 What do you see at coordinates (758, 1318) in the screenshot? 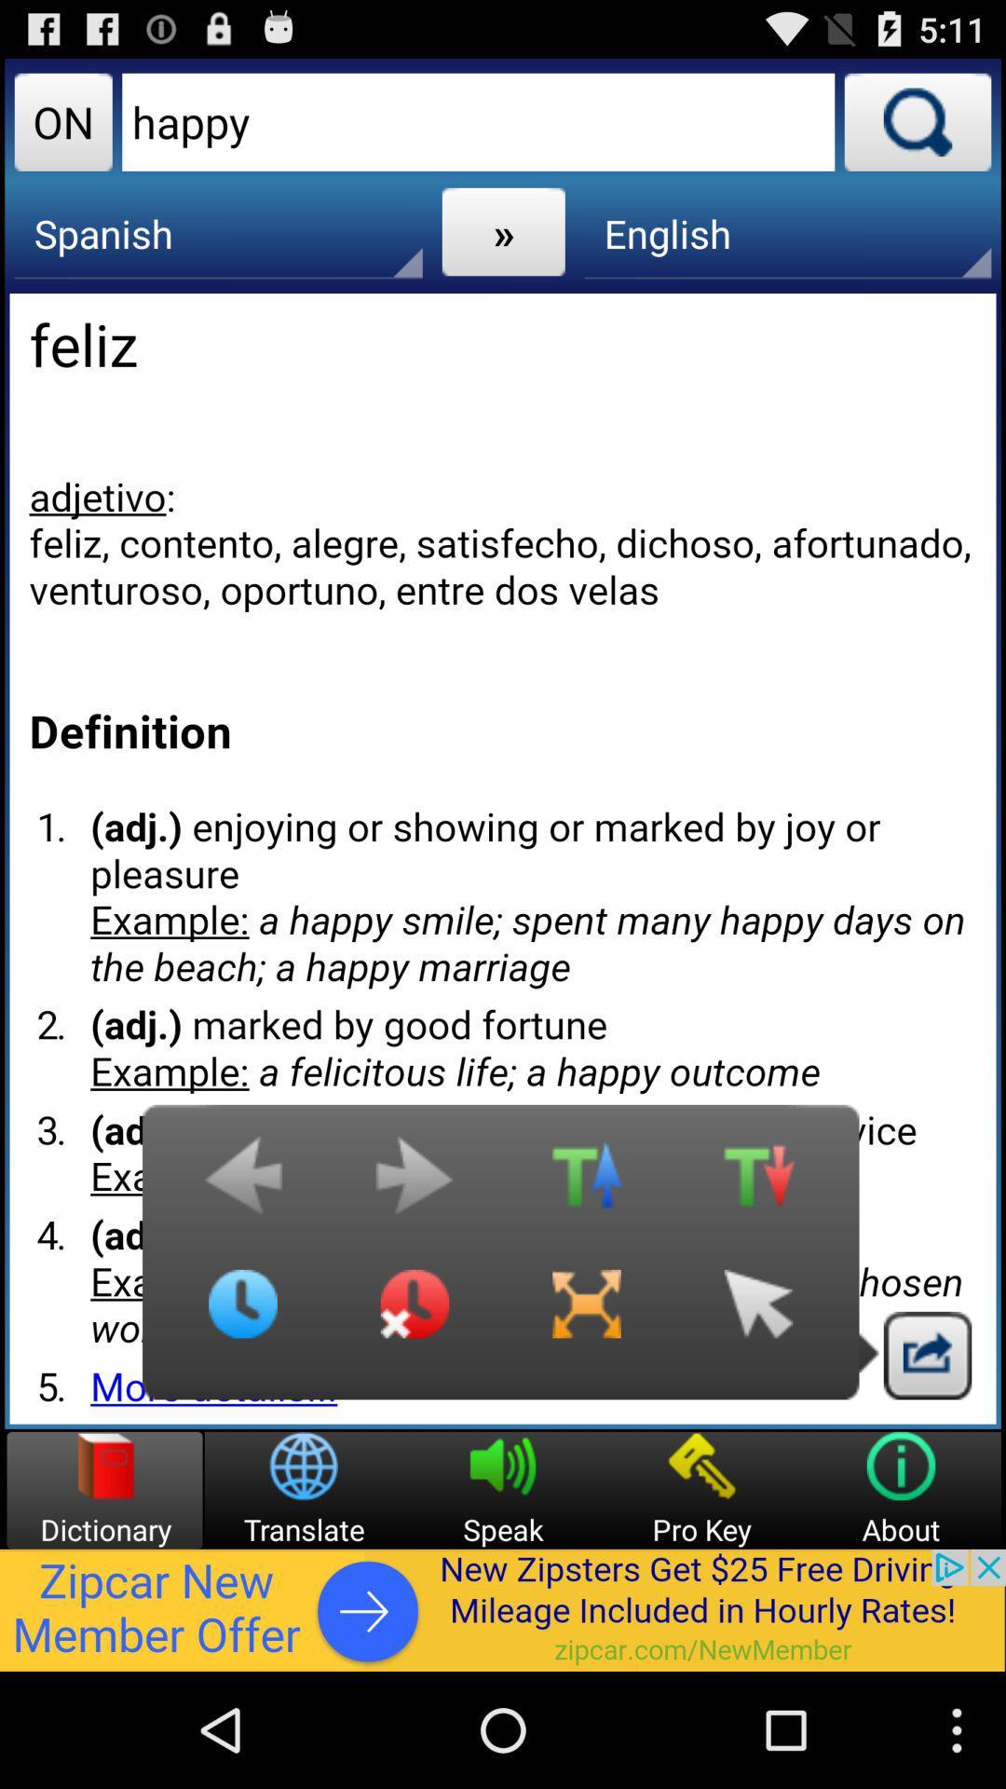
I see `arrow icon` at bounding box center [758, 1318].